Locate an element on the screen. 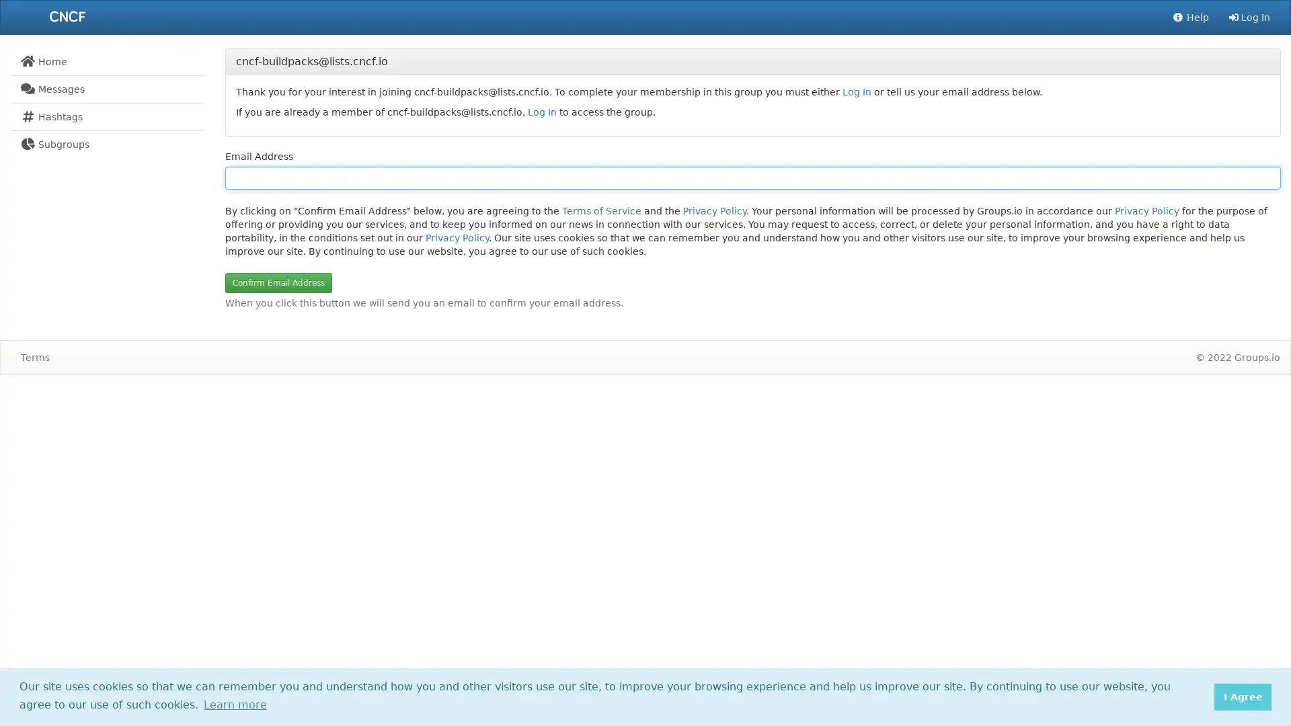 Image resolution: width=1291 pixels, height=726 pixels. learn more about cookies is located at coordinates (235, 704).